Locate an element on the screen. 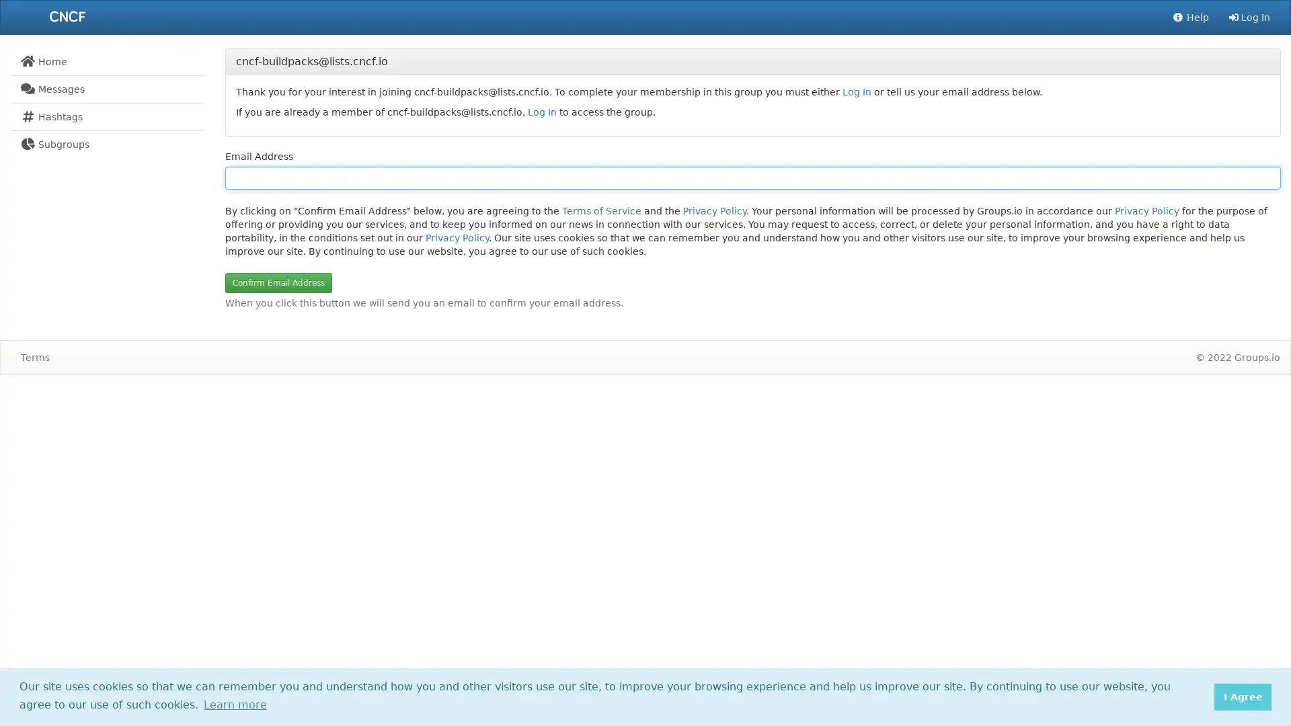 Image resolution: width=1291 pixels, height=726 pixels. learn more about cookies is located at coordinates (235, 704).